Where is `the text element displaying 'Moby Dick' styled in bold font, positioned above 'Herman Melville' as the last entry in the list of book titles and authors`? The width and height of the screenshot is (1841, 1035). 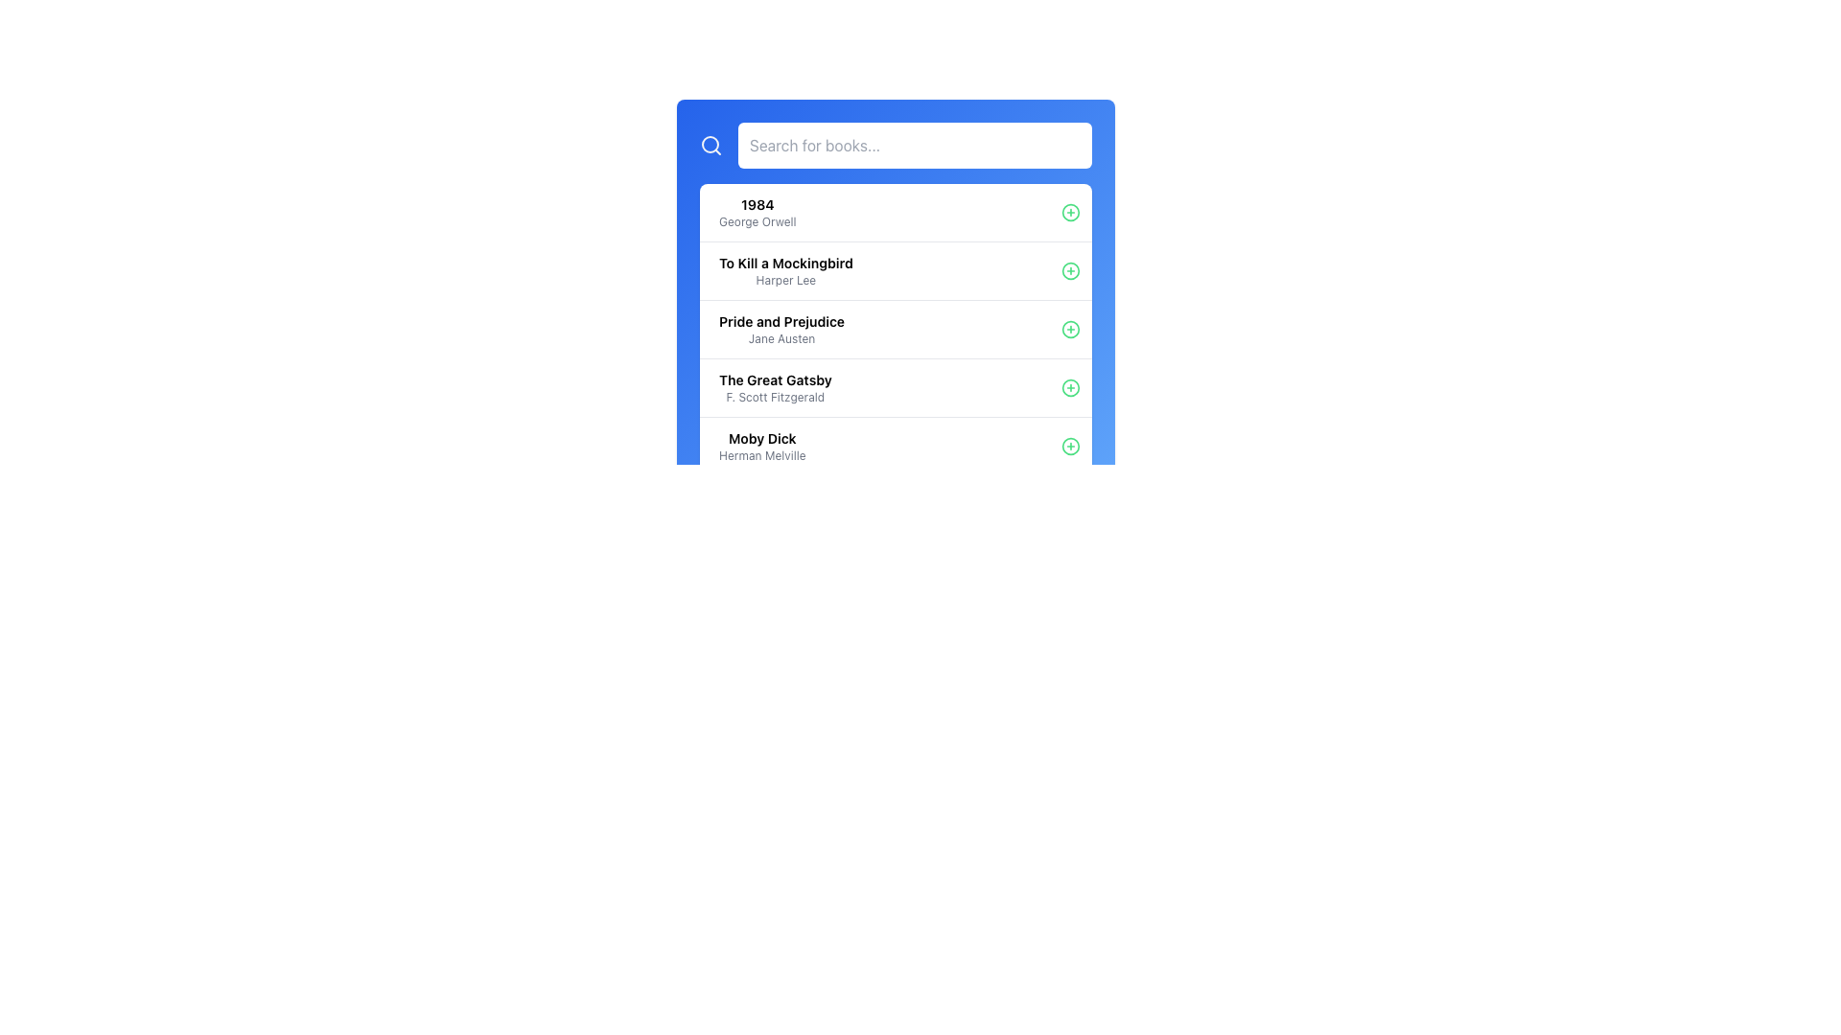
the text element displaying 'Moby Dick' styled in bold font, positioned above 'Herman Melville' as the last entry in the list of book titles and authors is located at coordinates (761, 439).